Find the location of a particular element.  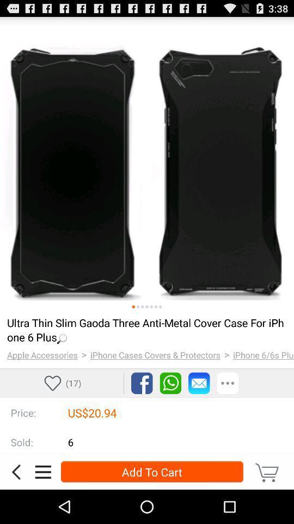

icon above the loading... is located at coordinates (151, 307).